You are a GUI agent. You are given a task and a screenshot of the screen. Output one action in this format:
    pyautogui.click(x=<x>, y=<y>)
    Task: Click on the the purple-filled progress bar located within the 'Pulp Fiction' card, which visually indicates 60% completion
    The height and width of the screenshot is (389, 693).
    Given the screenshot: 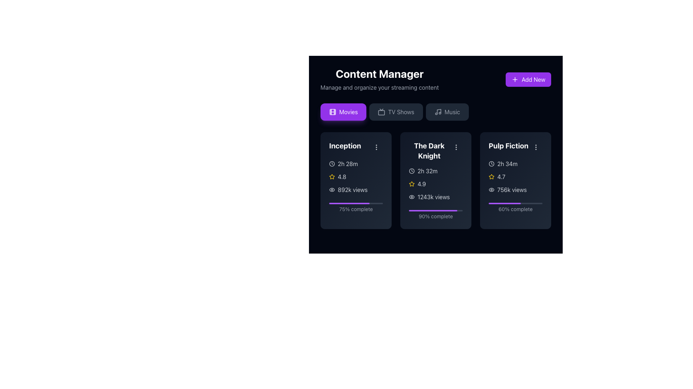 What is the action you would take?
    pyautogui.click(x=504, y=203)
    